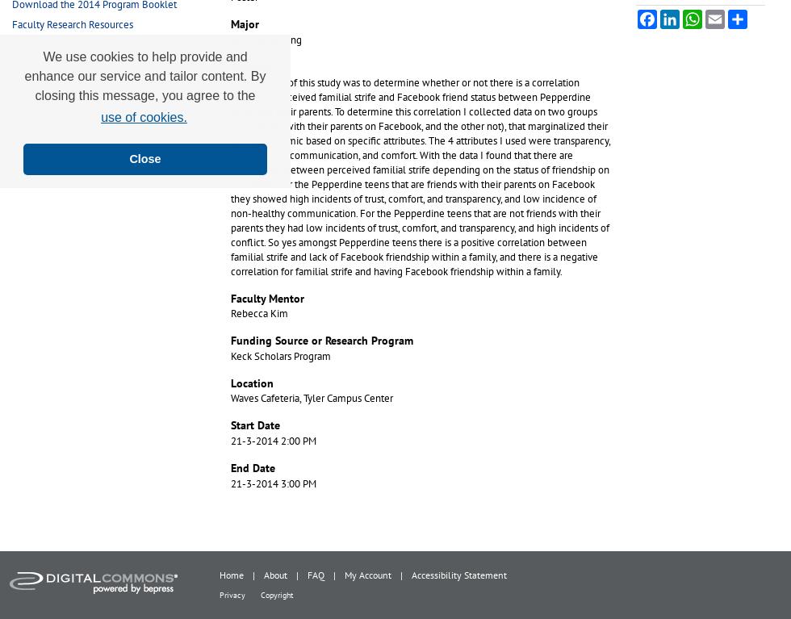 The image size is (791, 619). What do you see at coordinates (255, 425) in the screenshot?
I see `'Start Date'` at bounding box center [255, 425].